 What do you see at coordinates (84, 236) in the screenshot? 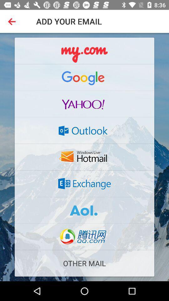
I see `the item above other mail item` at bounding box center [84, 236].